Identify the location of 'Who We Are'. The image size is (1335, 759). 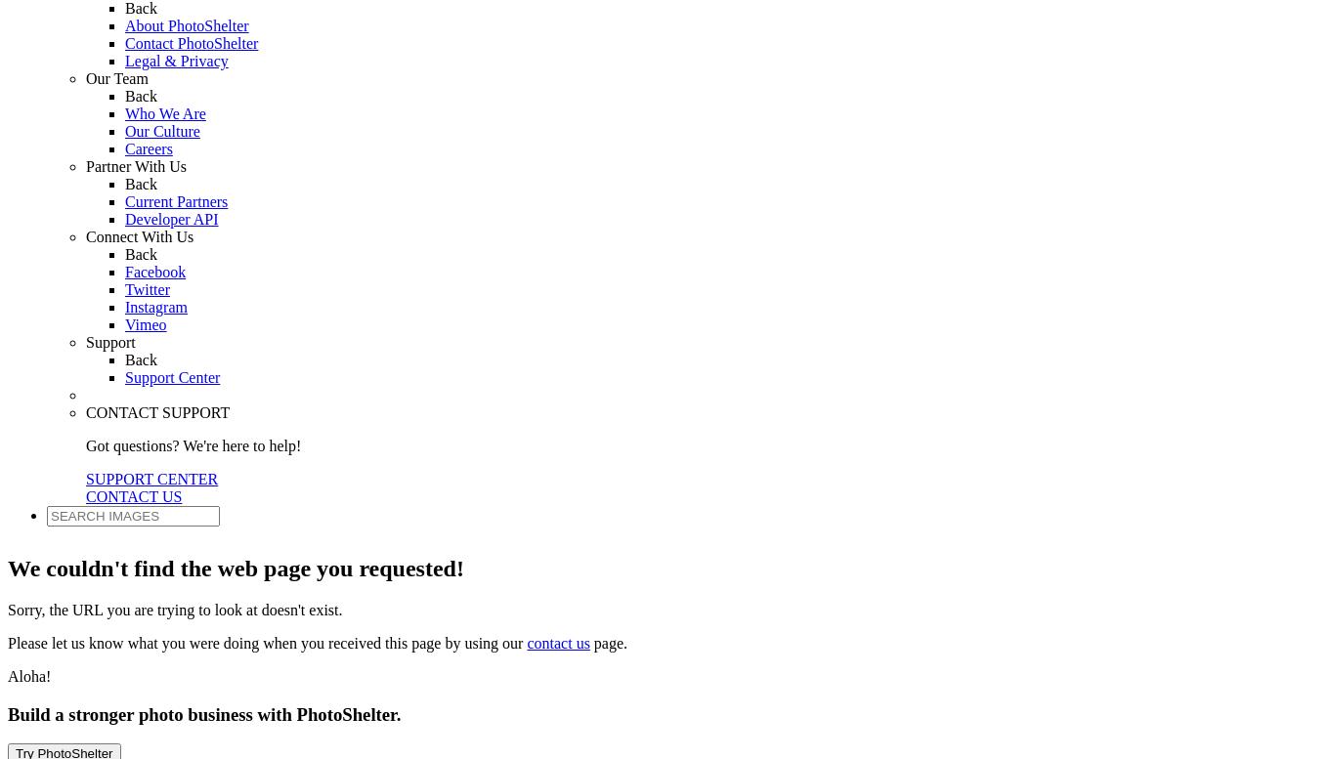
(163, 112).